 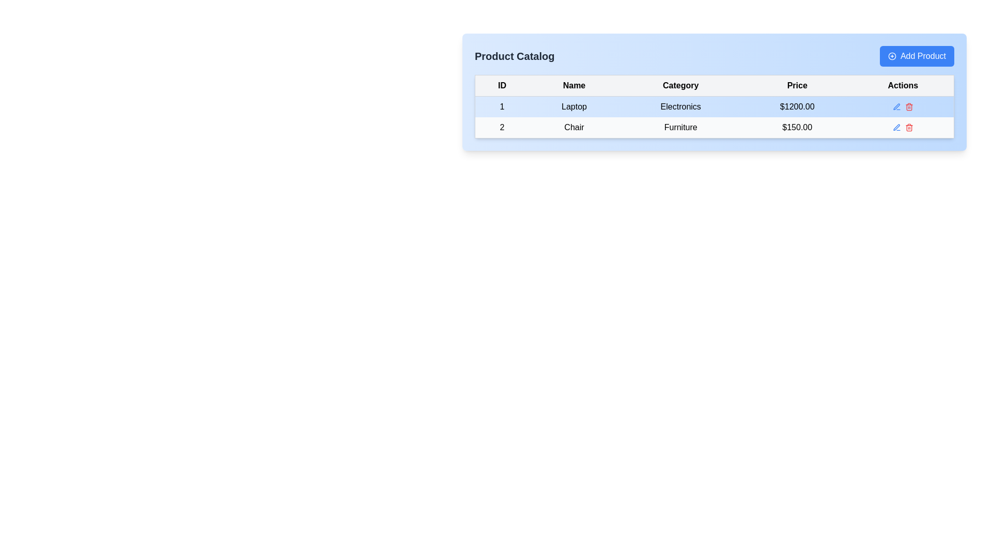 I want to click on the '+' icon located within the 'Add Product' button, so click(x=891, y=56).